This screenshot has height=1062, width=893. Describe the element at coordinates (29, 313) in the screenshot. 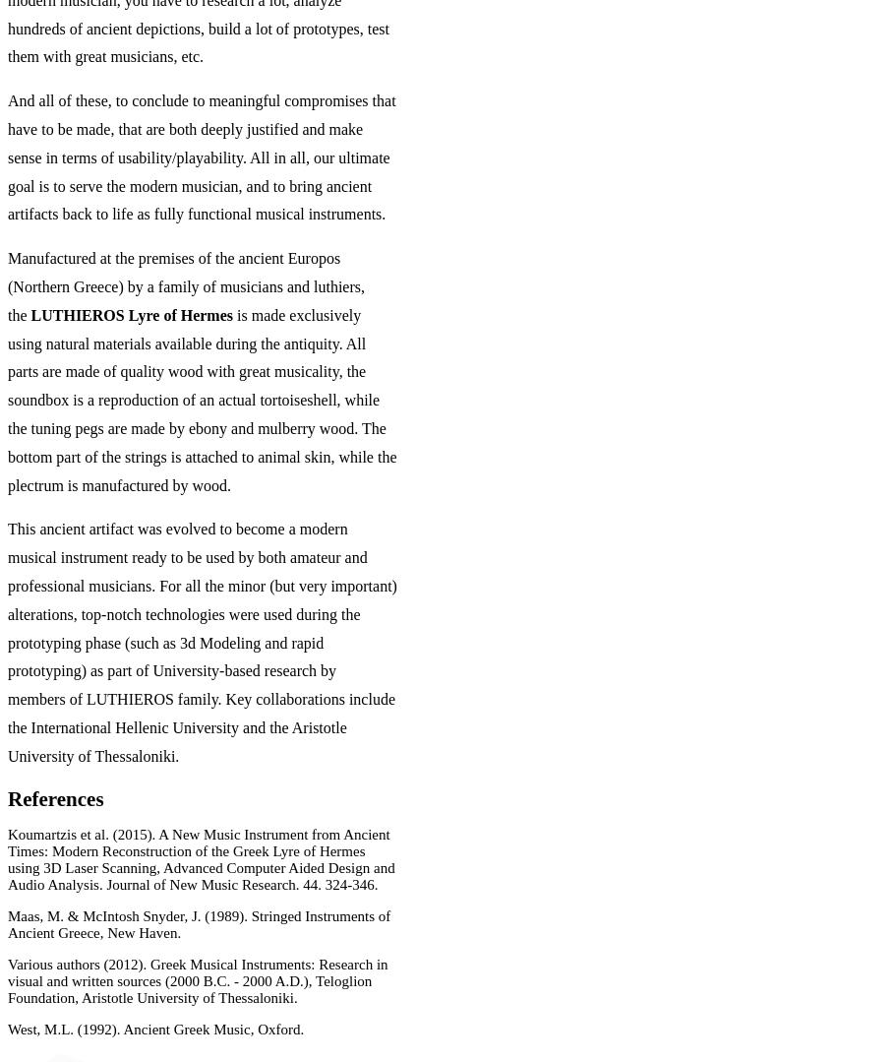

I see `'LUTHIEROS Lyre of Hermes'` at that location.